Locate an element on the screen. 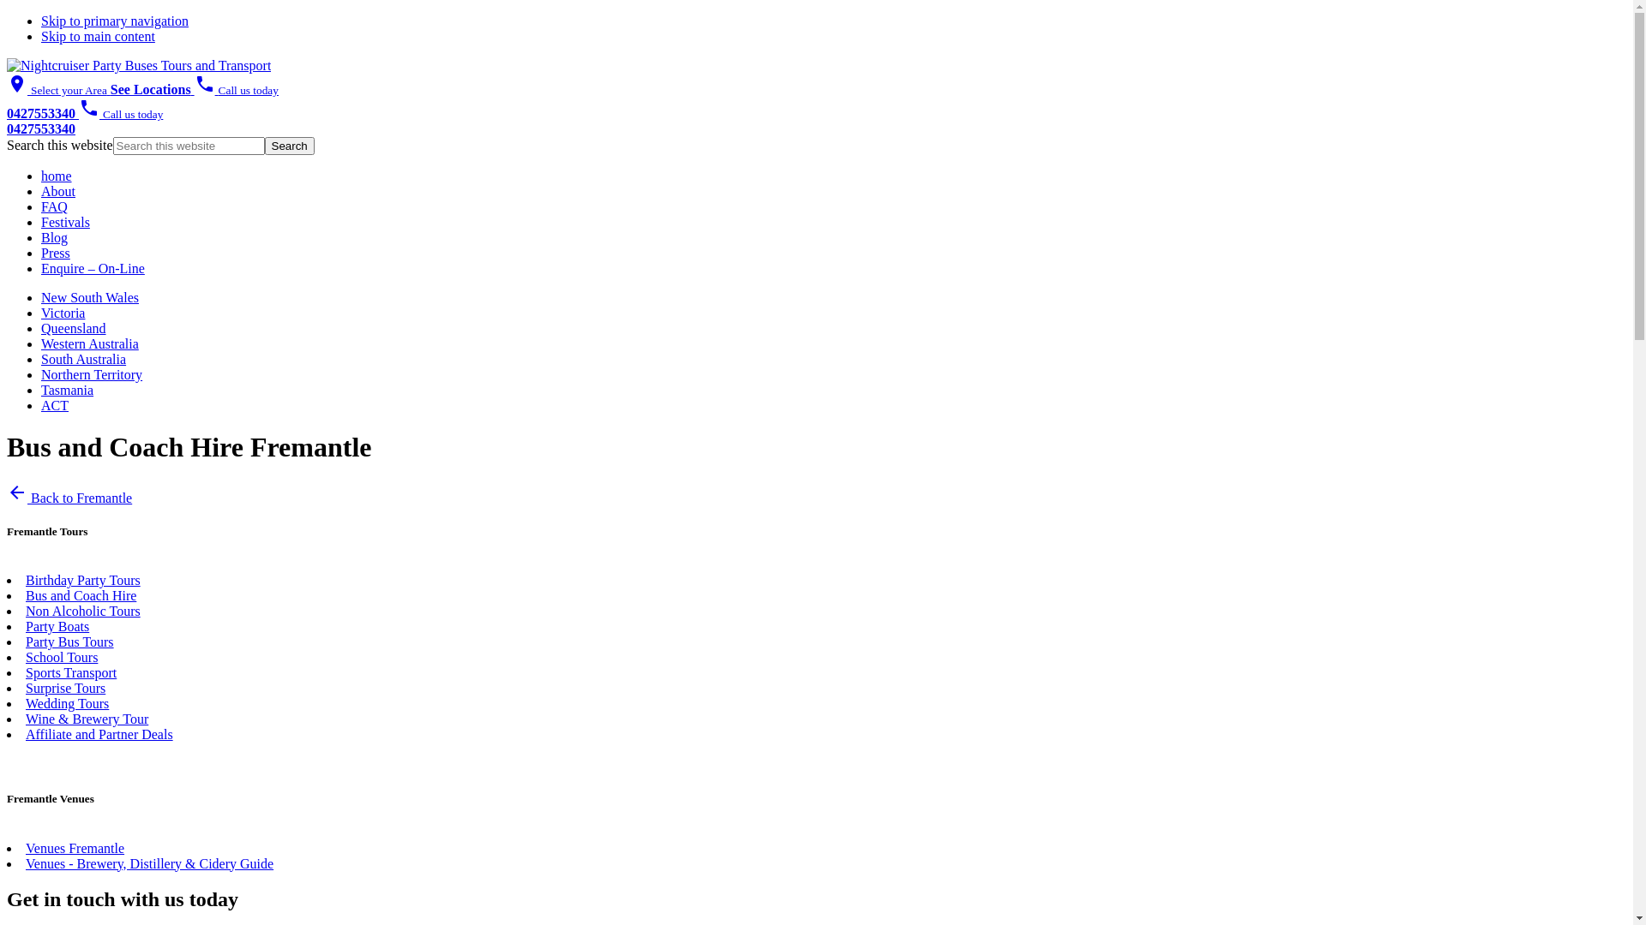 The image size is (1646, 925). 'phone Call us today is located at coordinates (142, 101).